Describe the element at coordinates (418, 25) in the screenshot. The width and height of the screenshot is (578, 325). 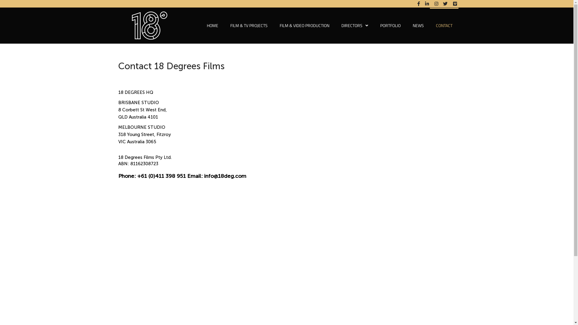
I see `'NEWS'` at that location.